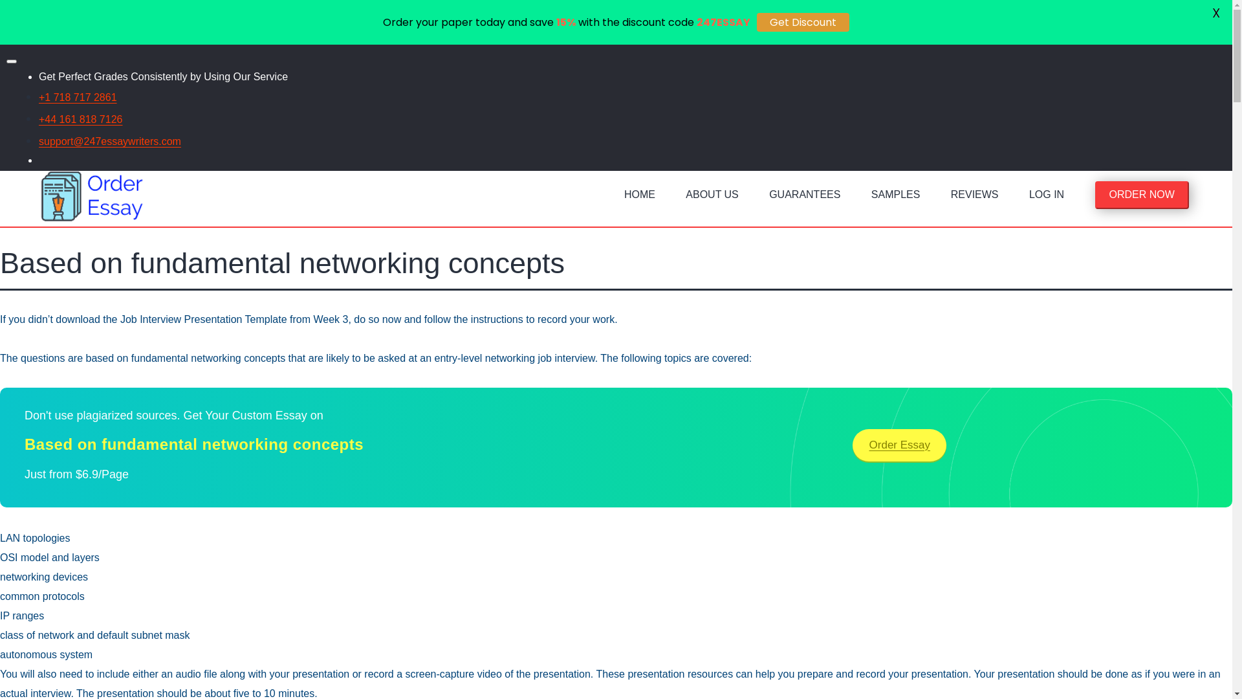 The width and height of the screenshot is (1242, 699). What do you see at coordinates (975, 198) in the screenshot?
I see `'REVIEWS'` at bounding box center [975, 198].